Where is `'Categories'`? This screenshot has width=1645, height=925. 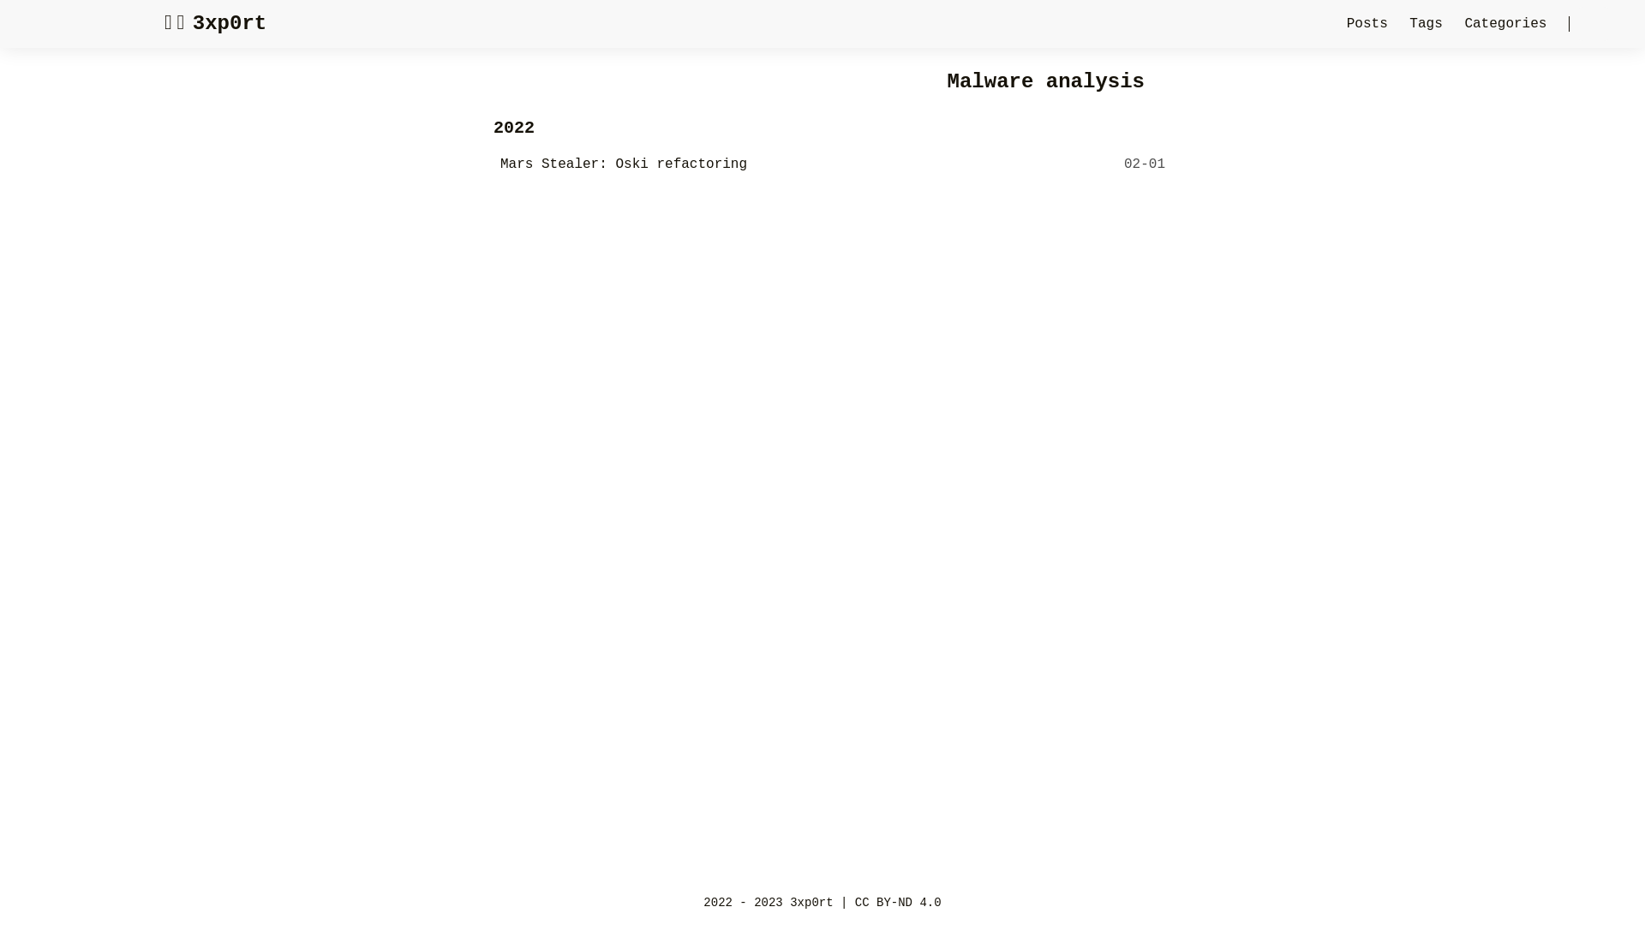 'Categories' is located at coordinates (1463, 23).